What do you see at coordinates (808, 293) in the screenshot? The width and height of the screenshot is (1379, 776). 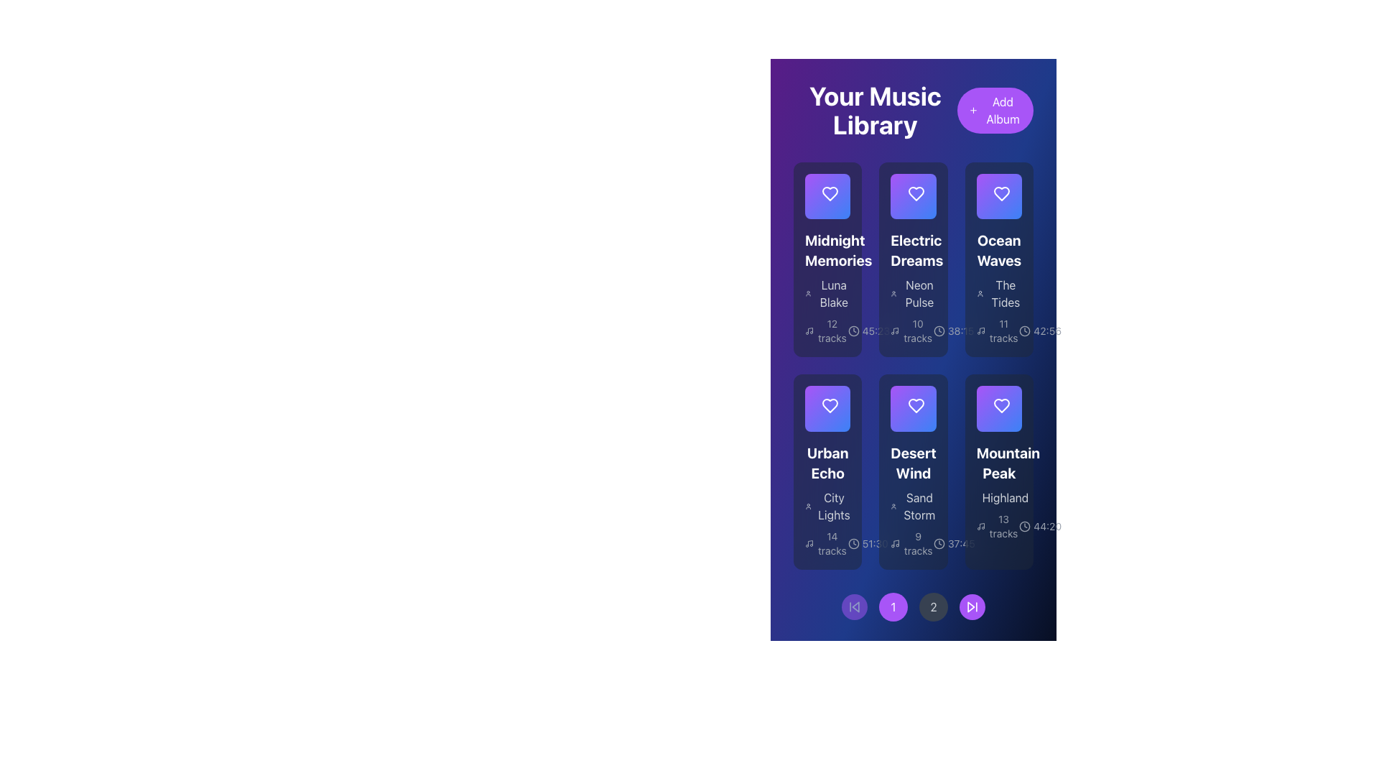 I see `the user profile icon, which is a circular head and shoulders outline, located to the left of the text 'Luna Blake'` at bounding box center [808, 293].